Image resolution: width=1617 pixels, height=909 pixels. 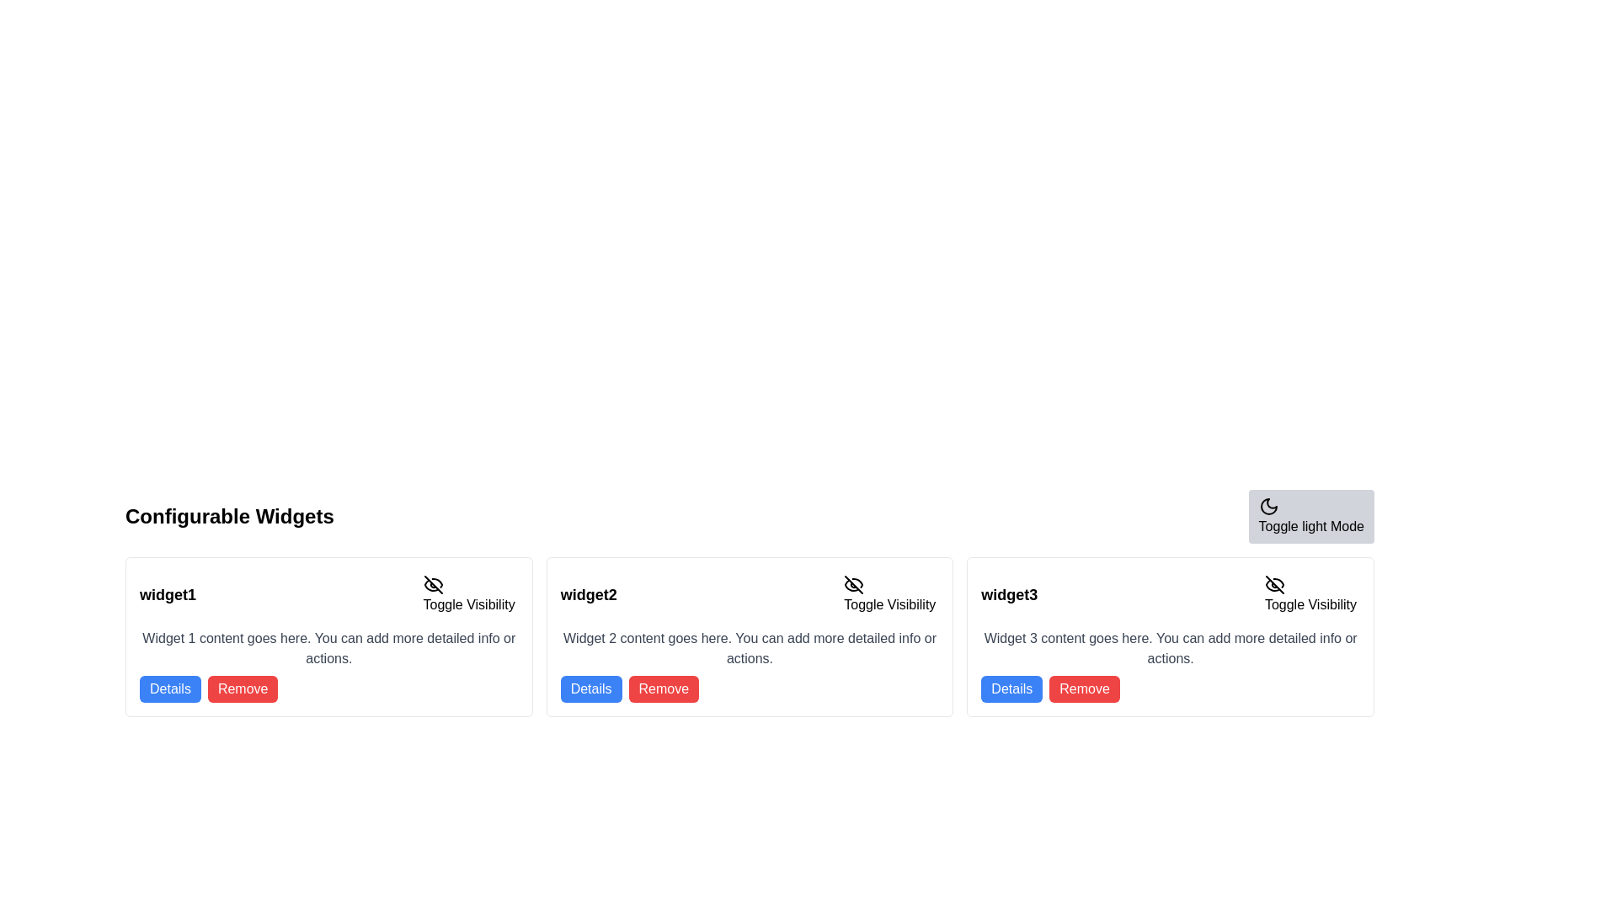 What do you see at coordinates (1170, 648) in the screenshot?
I see `the gray text block that states 'Widget 3 content goes here. You can add more detailed info or actions.' located in the third widget card titled 'Widget 3' above the 'Details' and 'Remove' buttons` at bounding box center [1170, 648].